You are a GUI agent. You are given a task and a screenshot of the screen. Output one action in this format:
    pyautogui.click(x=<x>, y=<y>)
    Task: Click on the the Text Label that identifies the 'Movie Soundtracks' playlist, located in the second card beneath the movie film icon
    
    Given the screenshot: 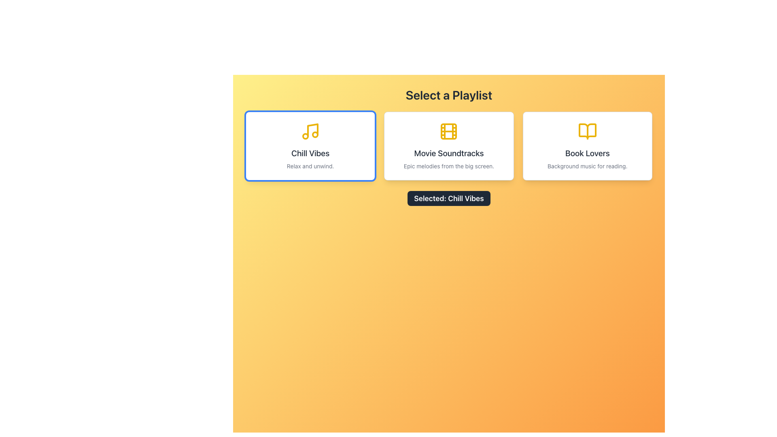 What is the action you would take?
    pyautogui.click(x=448, y=153)
    